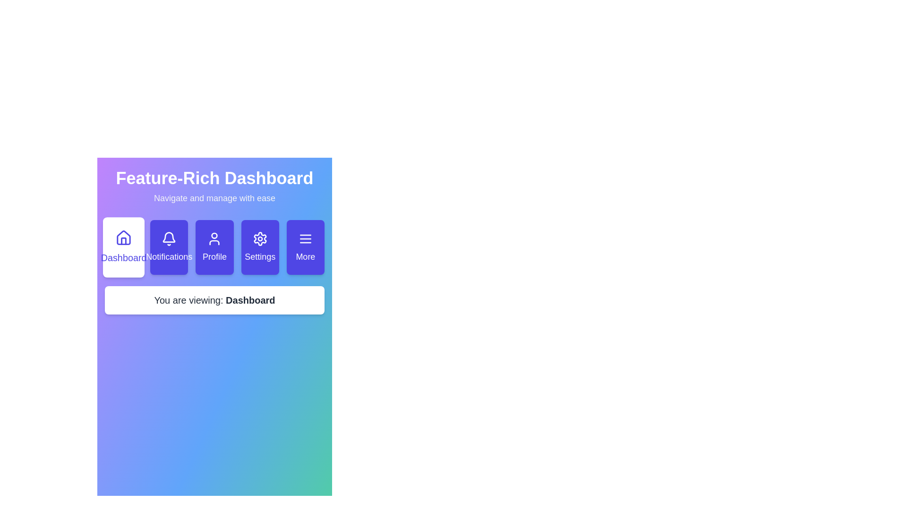 This screenshot has width=907, height=510. What do you see at coordinates (260, 256) in the screenshot?
I see `the Text Label indicating the settings button, which is located within the fourth button of the horizontal navigation menu, identifiable by its dark purple background and gear icon above it` at bounding box center [260, 256].